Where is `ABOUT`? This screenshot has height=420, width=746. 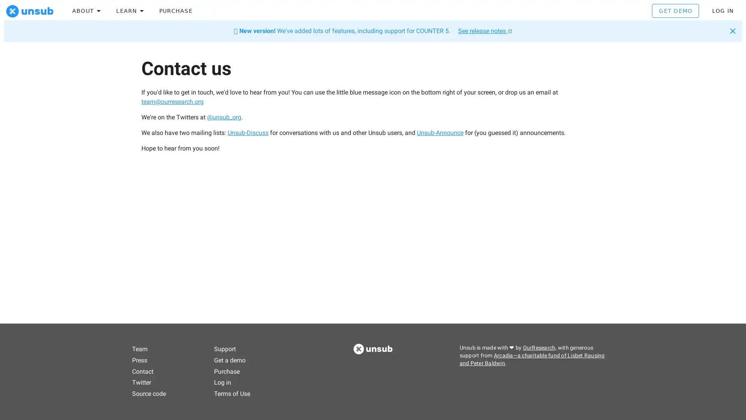
ABOUT is located at coordinates (86, 12).